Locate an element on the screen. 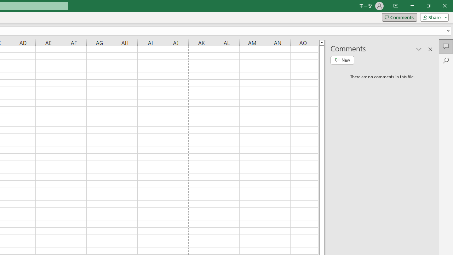 The image size is (453, 255). 'Ribbon Display Options' is located at coordinates (395, 6).